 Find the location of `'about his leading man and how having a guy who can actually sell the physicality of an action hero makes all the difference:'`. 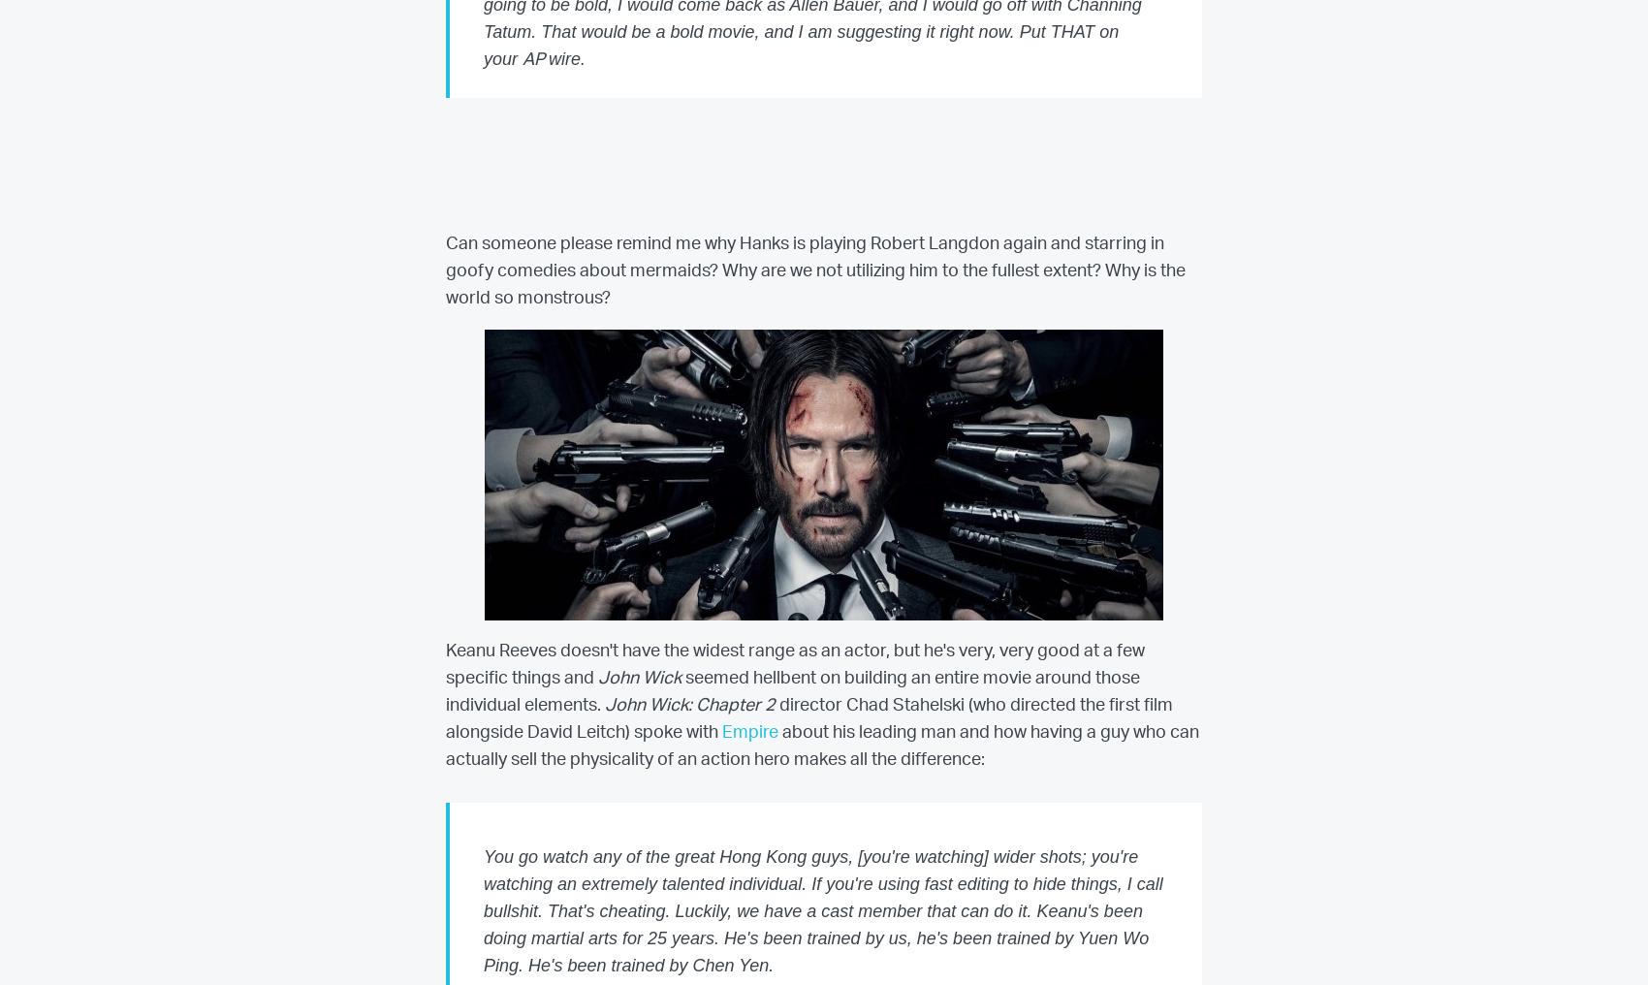

'about his leading man and how having a guy who can actually sell the physicality of an action hero makes all the difference:' is located at coordinates (821, 746).